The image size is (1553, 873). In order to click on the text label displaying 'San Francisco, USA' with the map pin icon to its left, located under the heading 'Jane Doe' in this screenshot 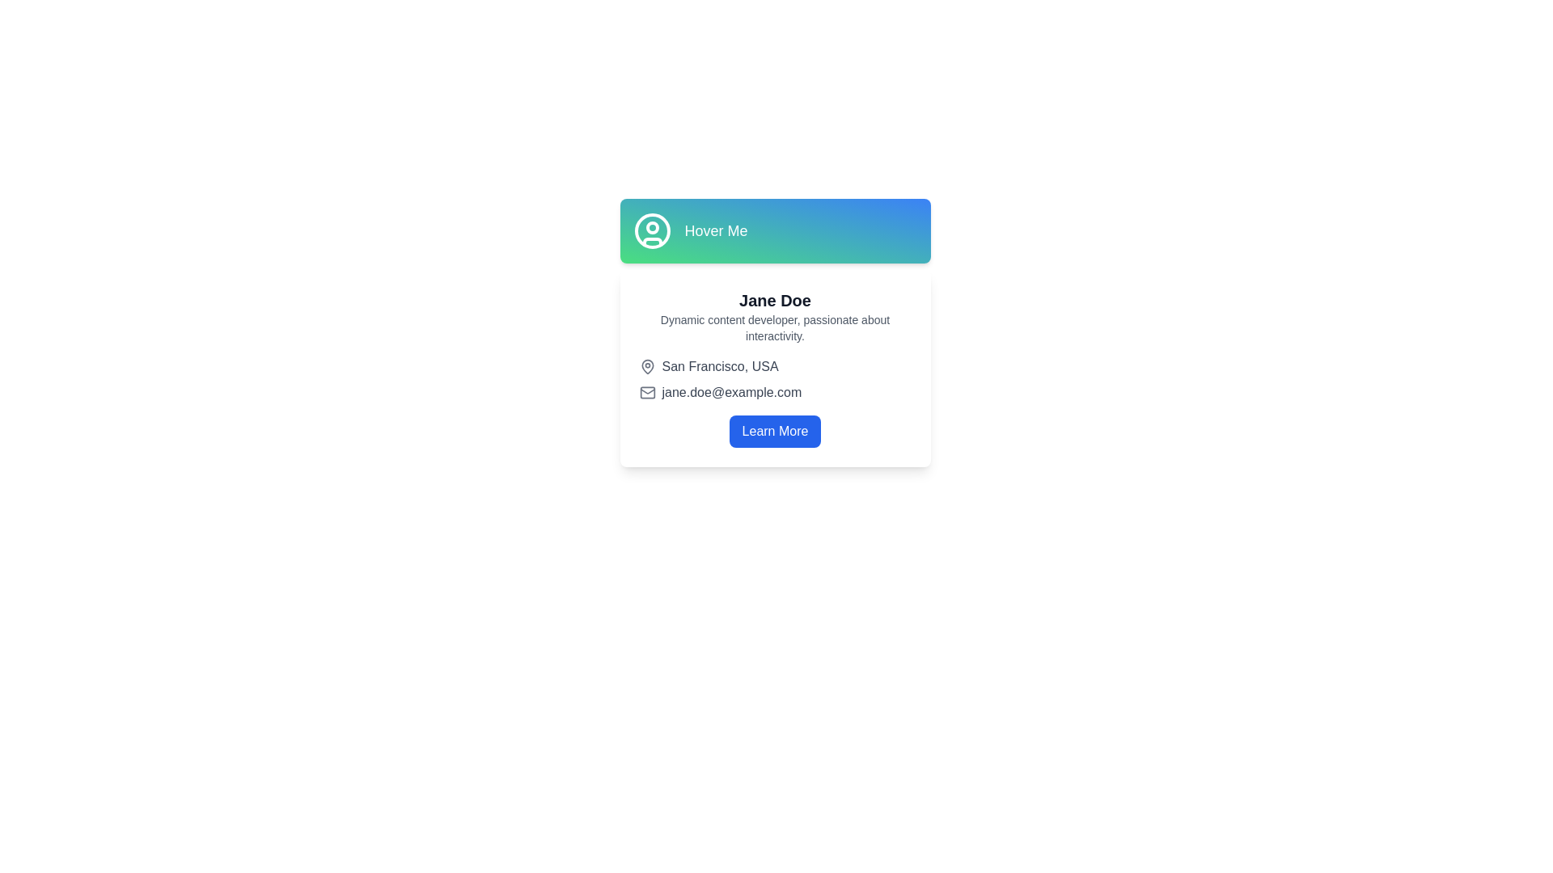, I will do `click(774, 367)`.